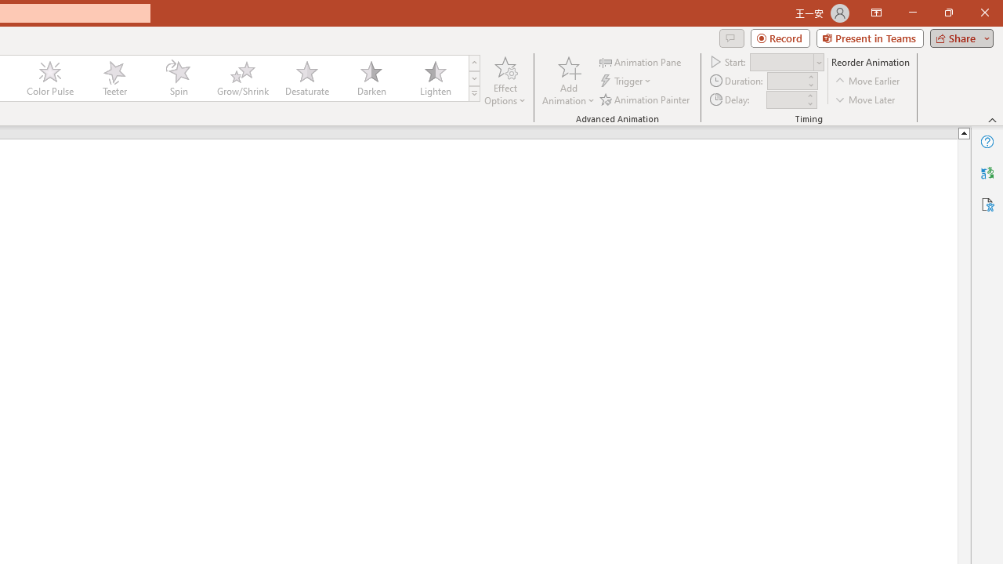 The width and height of the screenshot is (1003, 564). I want to click on 'Collapse the Ribbon', so click(992, 119).